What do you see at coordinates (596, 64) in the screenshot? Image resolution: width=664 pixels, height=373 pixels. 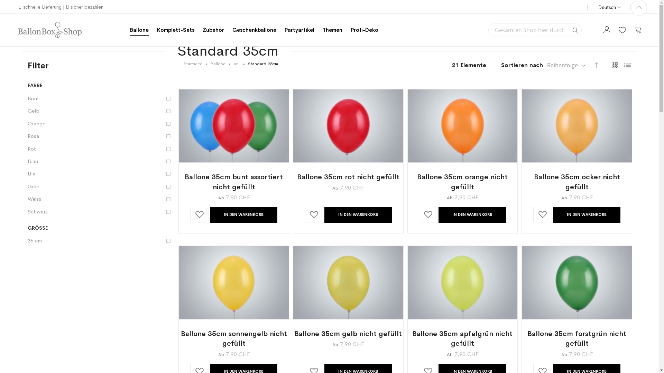 I see `'Absteigend sortieren'` at bounding box center [596, 64].